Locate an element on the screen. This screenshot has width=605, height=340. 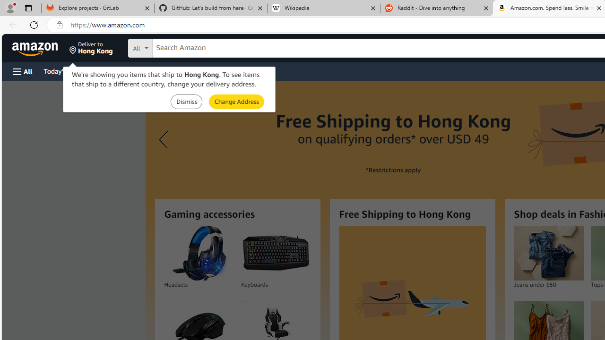
'Headsets' is located at coordinates (199, 253).